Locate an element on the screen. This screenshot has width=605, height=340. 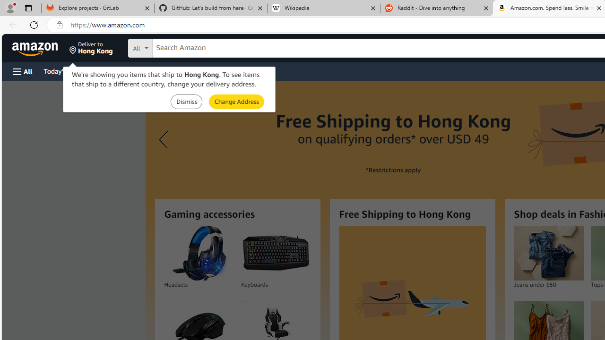
'Headsets' is located at coordinates (199, 253).